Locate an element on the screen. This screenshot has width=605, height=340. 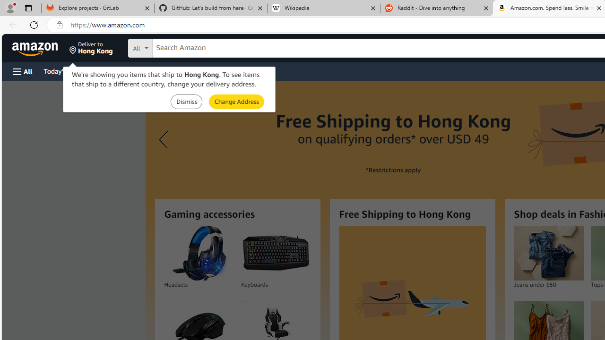
'Headsets' is located at coordinates (199, 253).